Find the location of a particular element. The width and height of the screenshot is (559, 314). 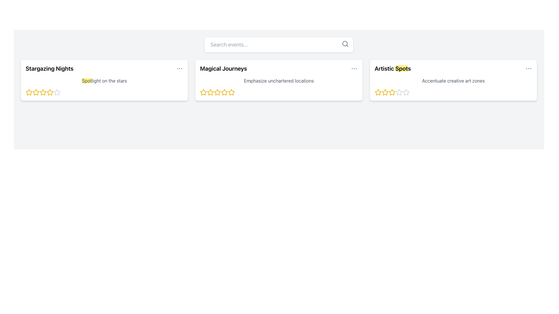

the fourth star-shaped rating icon in the rating section below 'Artistic Spots' is located at coordinates (399, 92).